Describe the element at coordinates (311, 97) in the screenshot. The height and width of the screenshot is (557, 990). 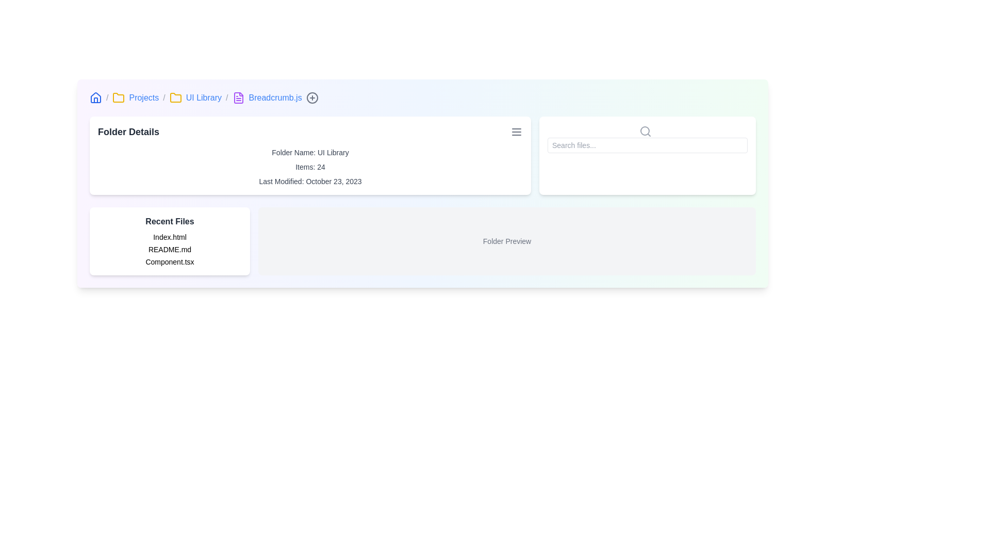
I see `the circular gray button with a plus sign inside, located at the rightmost end of the breadcrumb navigation bar` at that location.